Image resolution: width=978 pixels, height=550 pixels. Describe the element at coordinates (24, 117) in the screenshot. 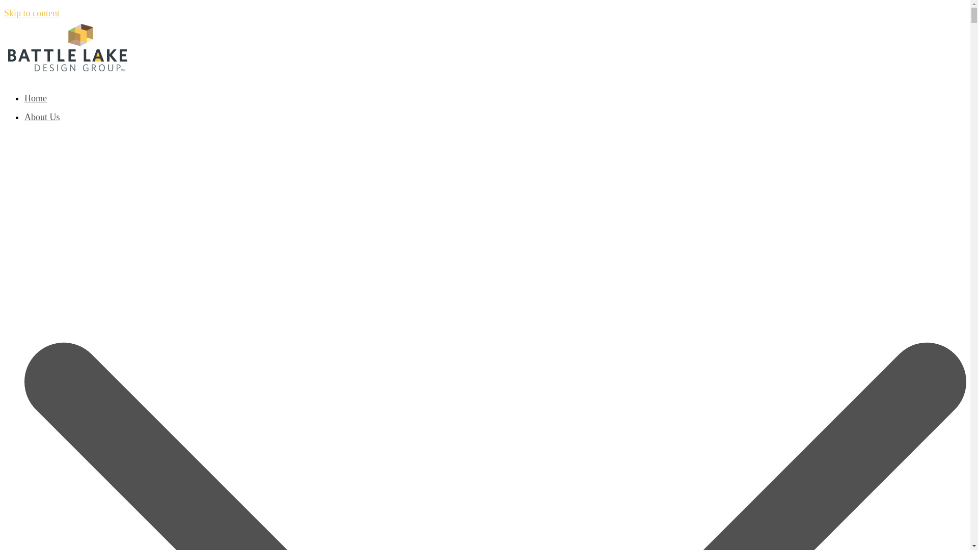

I see `'About Us'` at that location.